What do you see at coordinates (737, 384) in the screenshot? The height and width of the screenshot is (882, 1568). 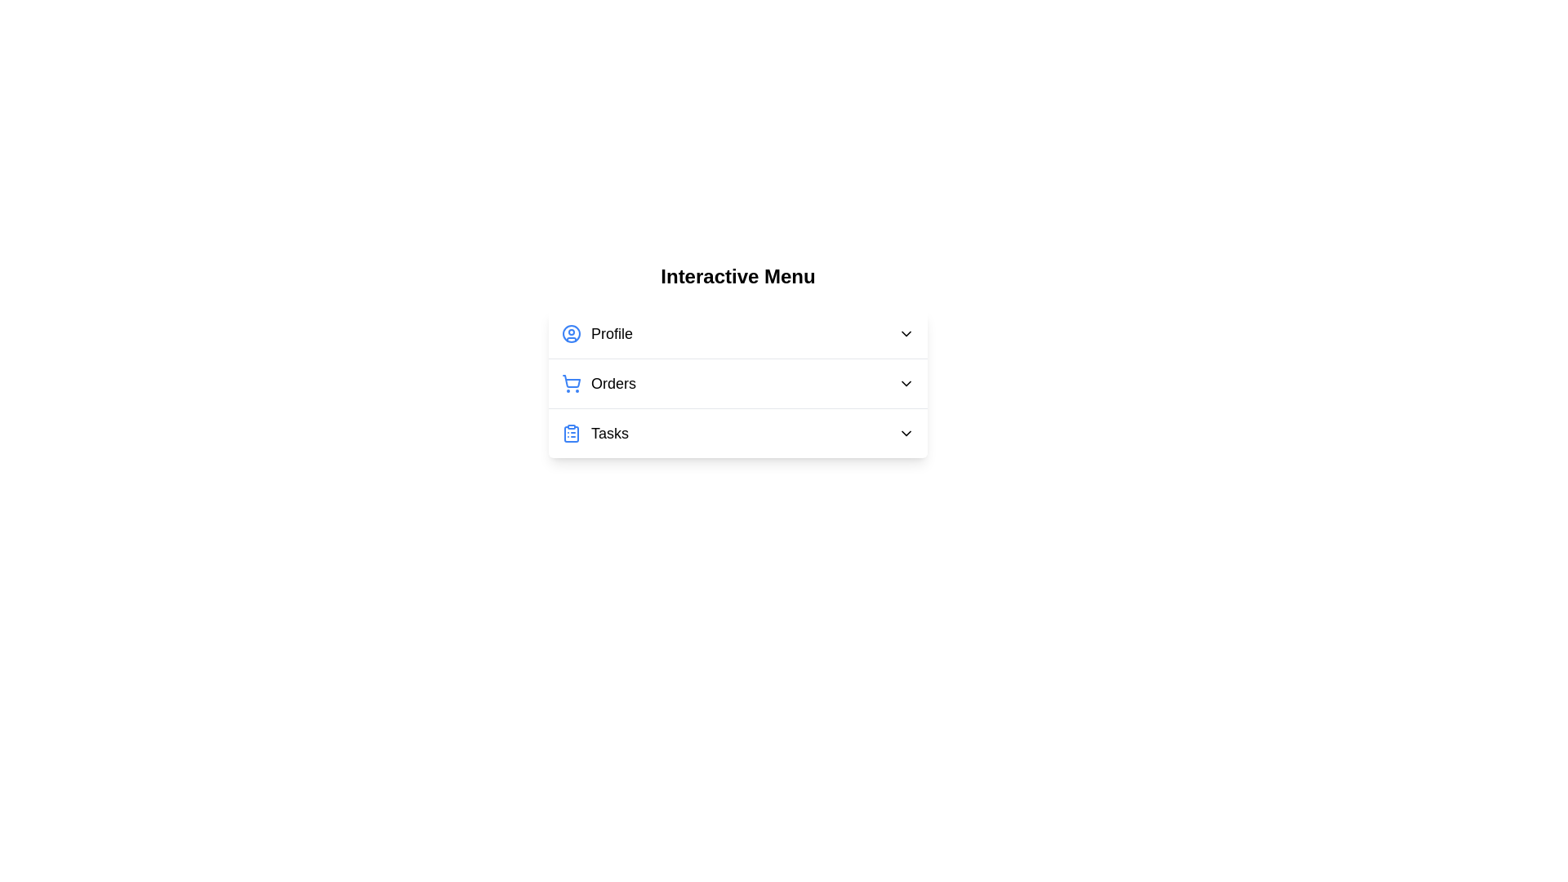 I see `the 'Orders' section in the dropdown menu` at bounding box center [737, 384].